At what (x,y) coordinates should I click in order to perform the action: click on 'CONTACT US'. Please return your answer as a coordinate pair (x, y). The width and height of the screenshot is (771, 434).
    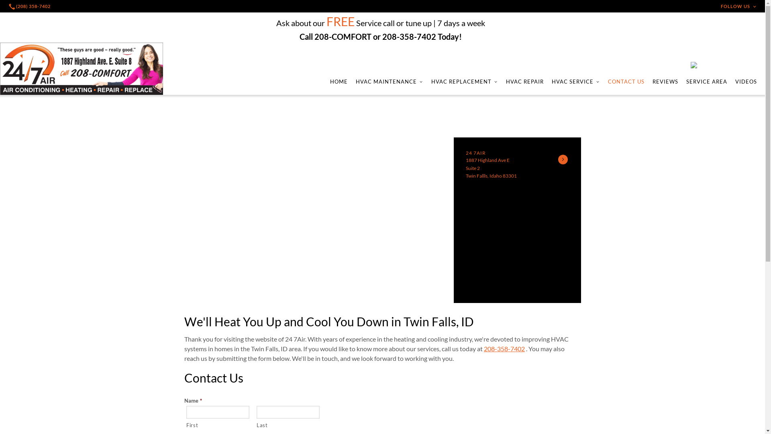
    Looking at the image, I should click on (626, 82).